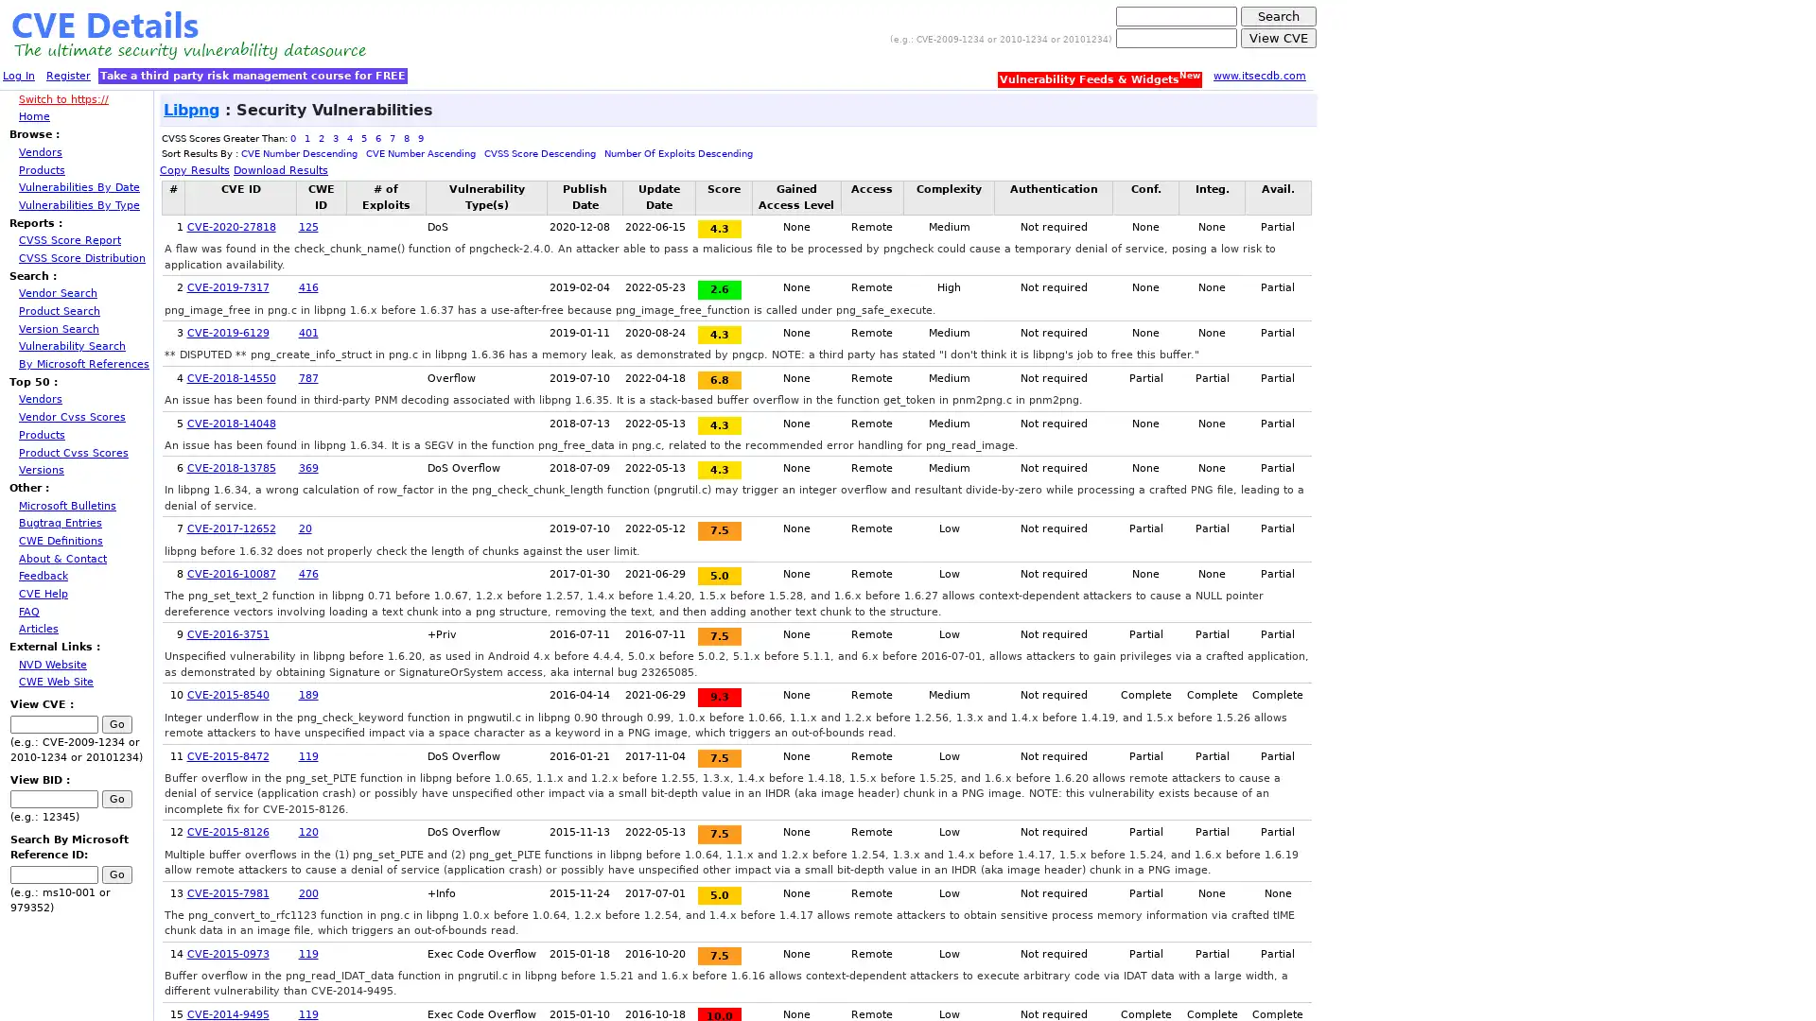 The image size is (1816, 1021). What do you see at coordinates (116, 874) in the screenshot?
I see `Go` at bounding box center [116, 874].